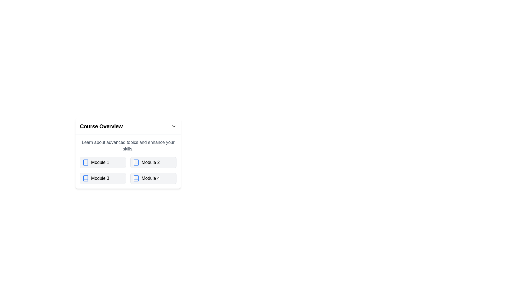  What do you see at coordinates (136, 178) in the screenshot?
I see `the open book icon in the 'Module 4' area, which is styled with blue strokes and represents reading or learning` at bounding box center [136, 178].